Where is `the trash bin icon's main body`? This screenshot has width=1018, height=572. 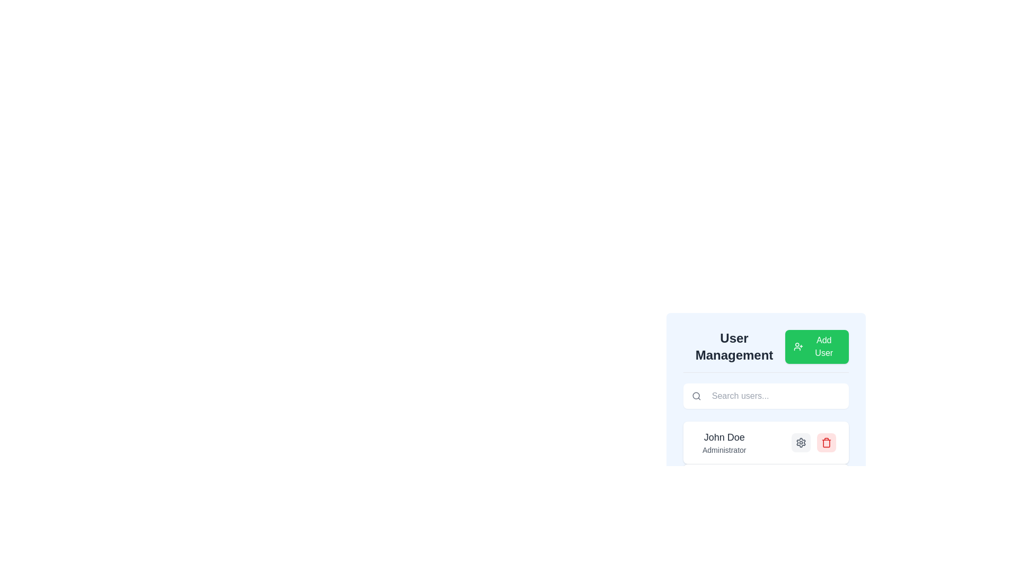 the trash bin icon's main body is located at coordinates (826, 443).